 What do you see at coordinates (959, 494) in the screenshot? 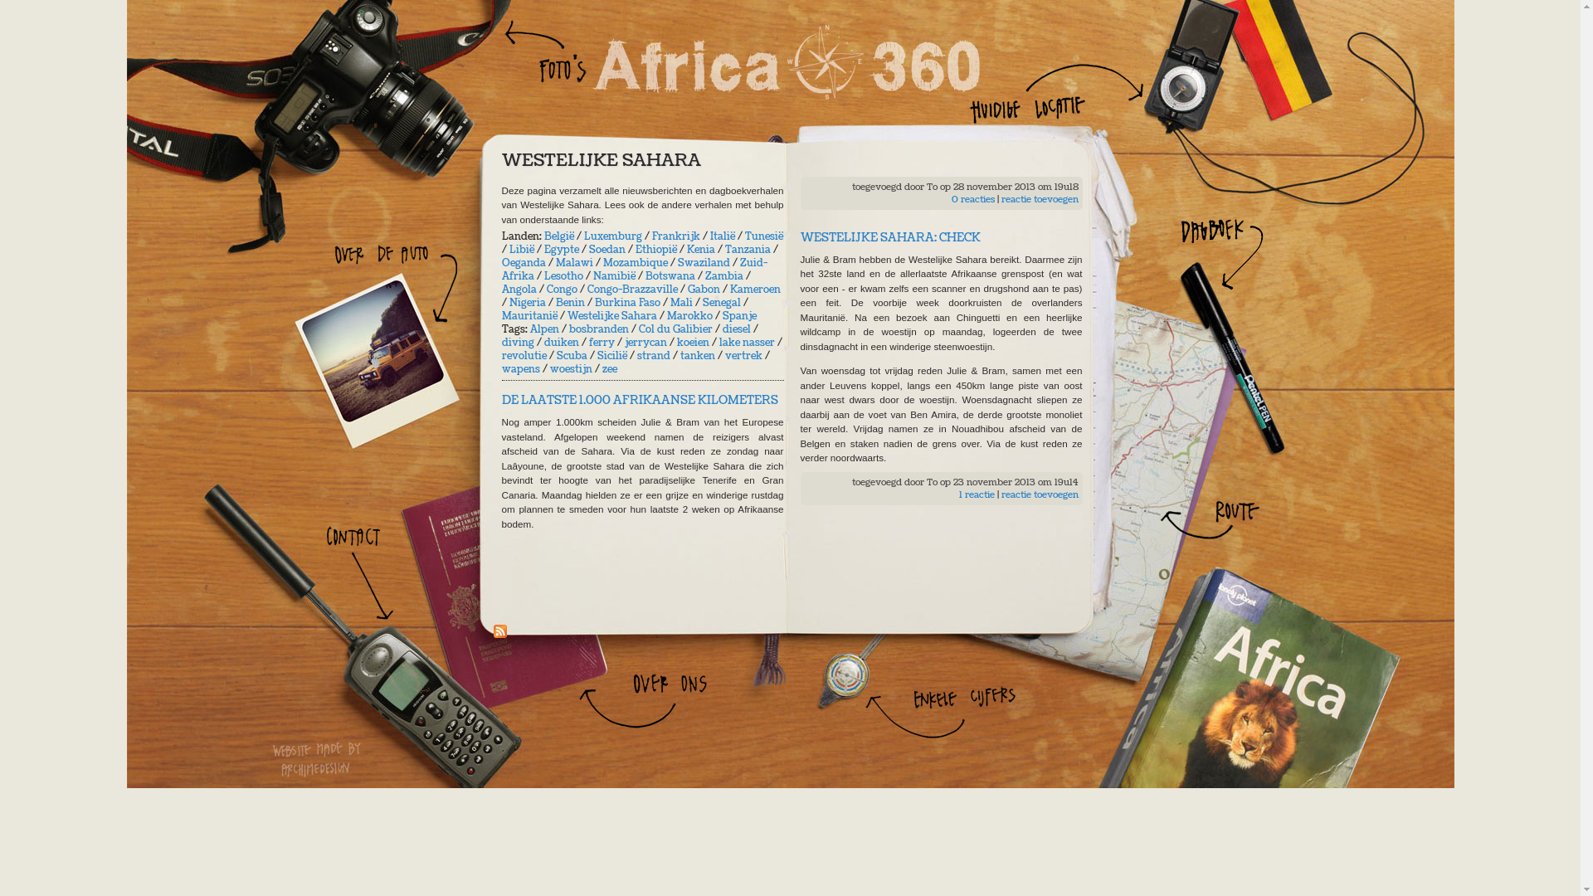
I see `'1 reactie'` at bounding box center [959, 494].